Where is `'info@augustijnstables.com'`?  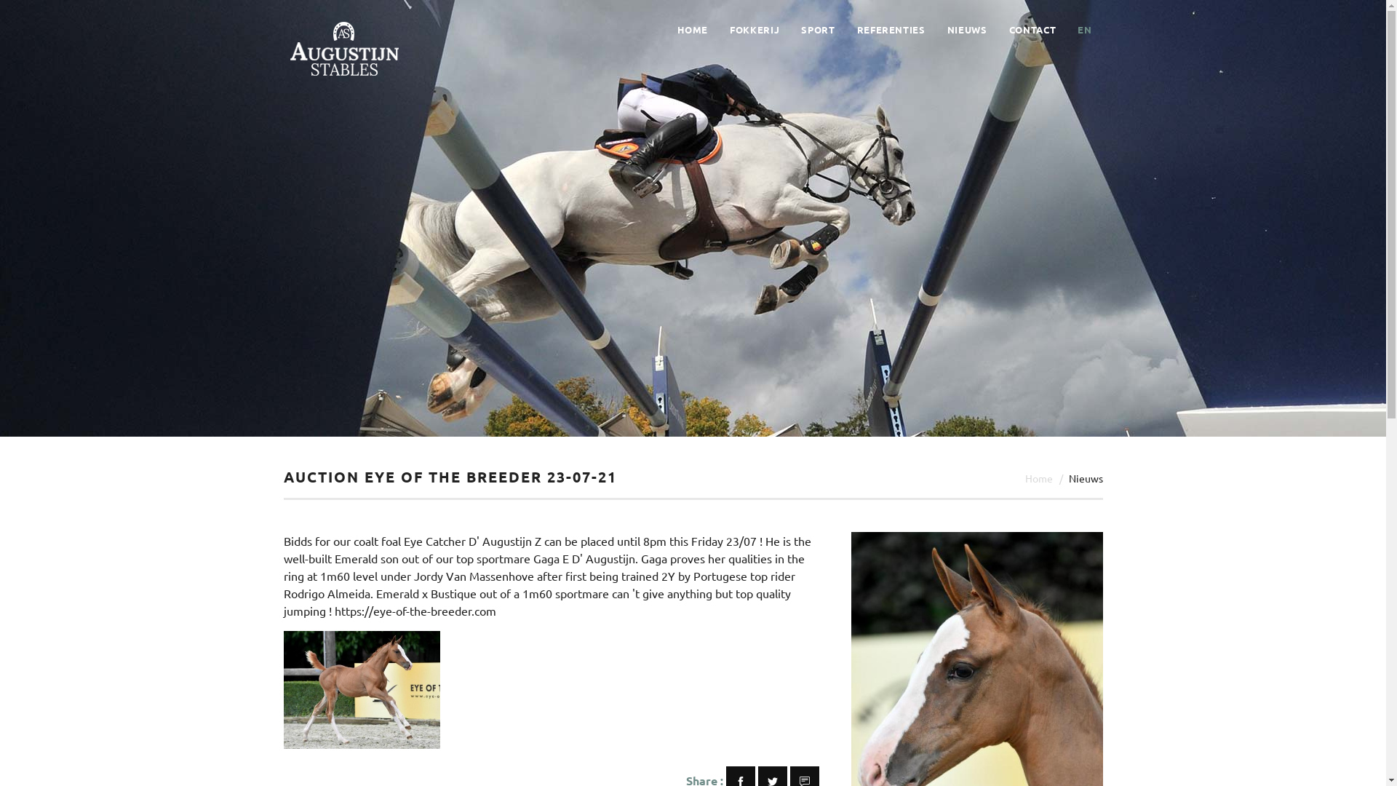 'info@augustijnstables.com' is located at coordinates (789, 659).